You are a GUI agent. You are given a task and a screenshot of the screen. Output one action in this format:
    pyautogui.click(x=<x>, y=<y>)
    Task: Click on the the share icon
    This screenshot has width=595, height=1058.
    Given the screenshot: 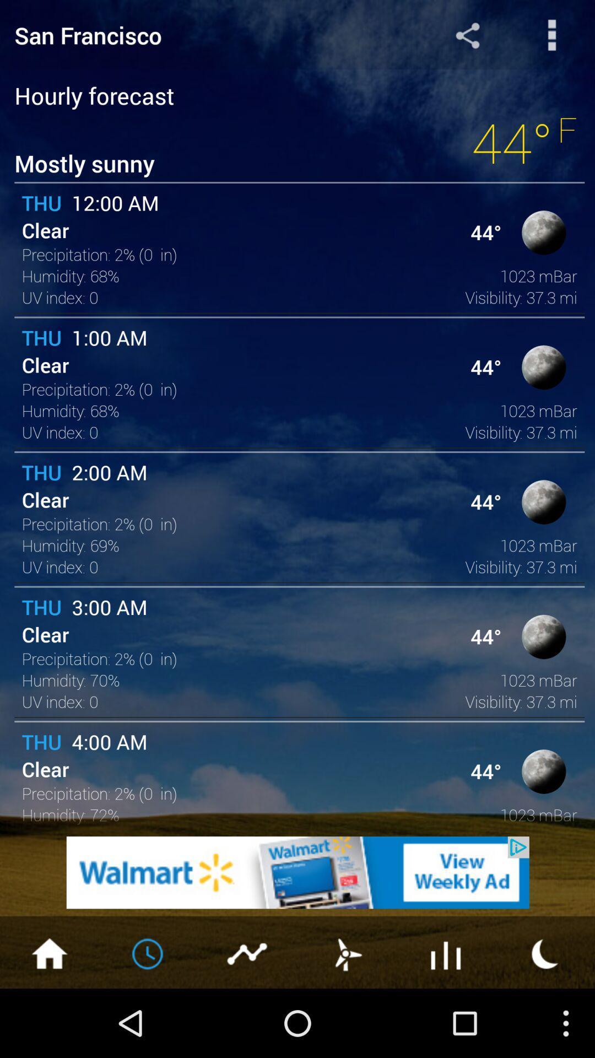 What is the action you would take?
    pyautogui.click(x=467, y=37)
    